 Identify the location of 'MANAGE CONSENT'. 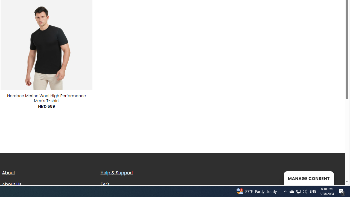
(308, 178).